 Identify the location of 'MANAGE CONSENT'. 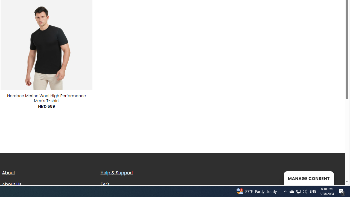
(308, 178).